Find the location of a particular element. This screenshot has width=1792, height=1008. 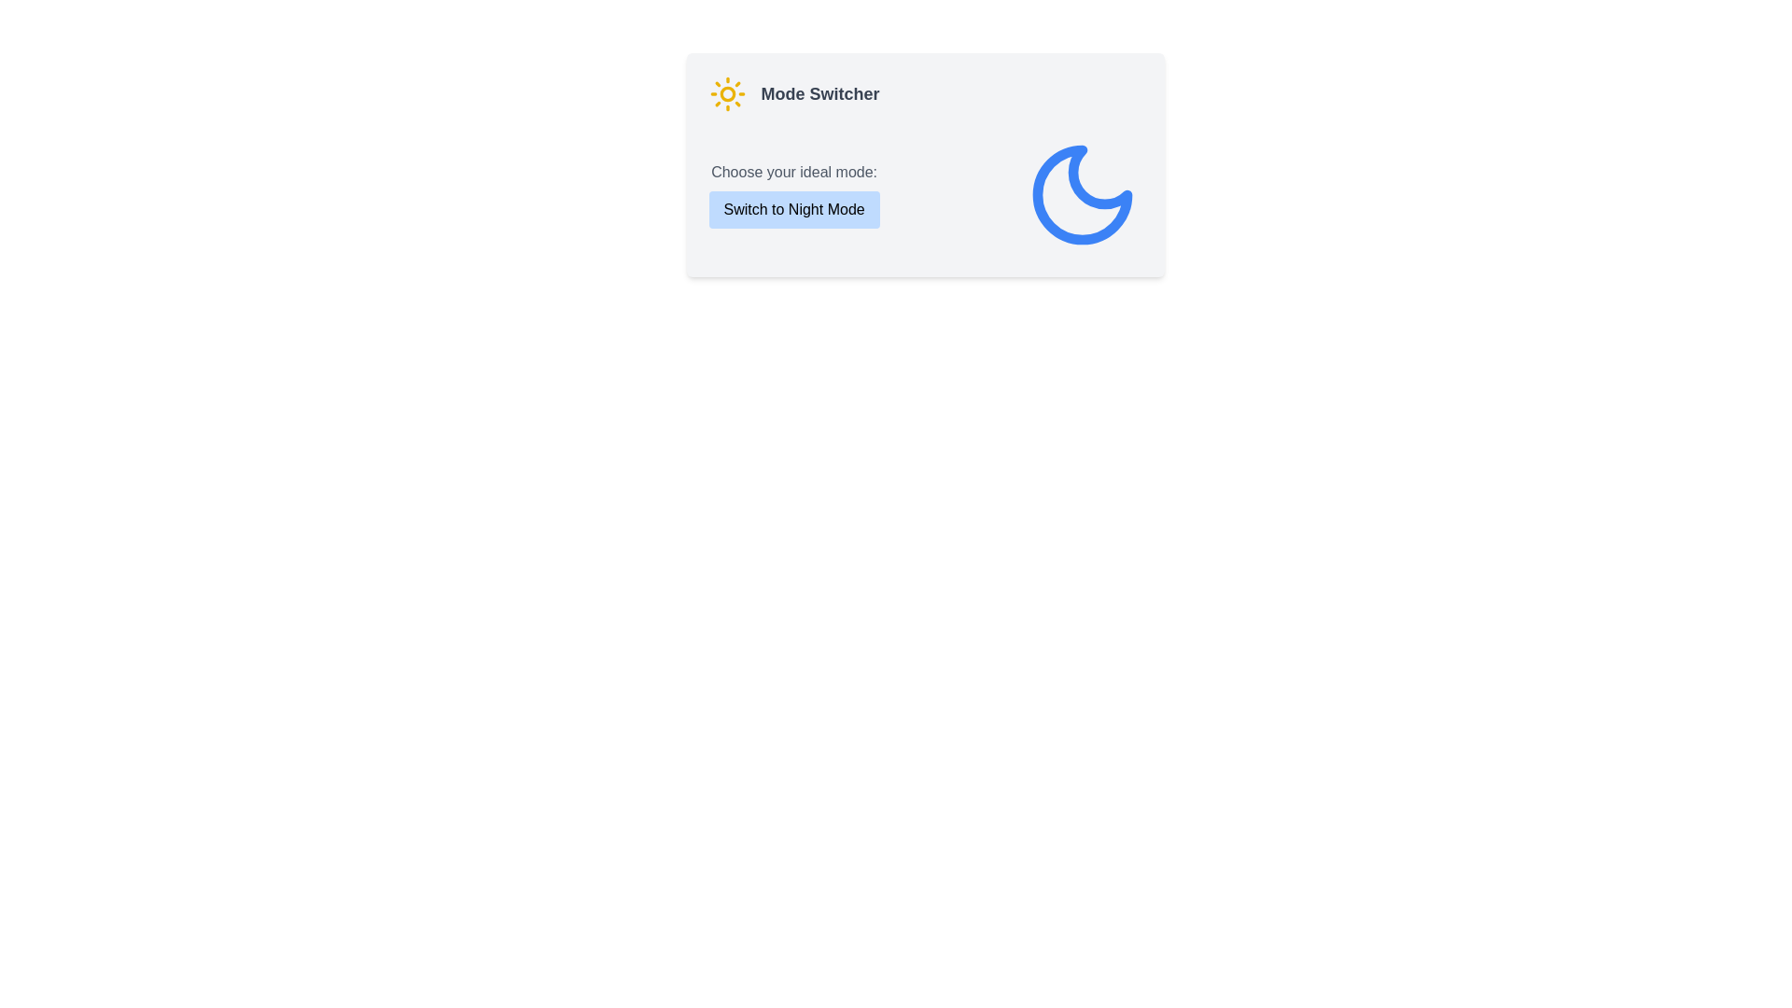

the sun icon located to the left of the 'Mode Switcher' text, which features a vibrant yellow color and a clean, minimalistic design is located at coordinates (726, 93).